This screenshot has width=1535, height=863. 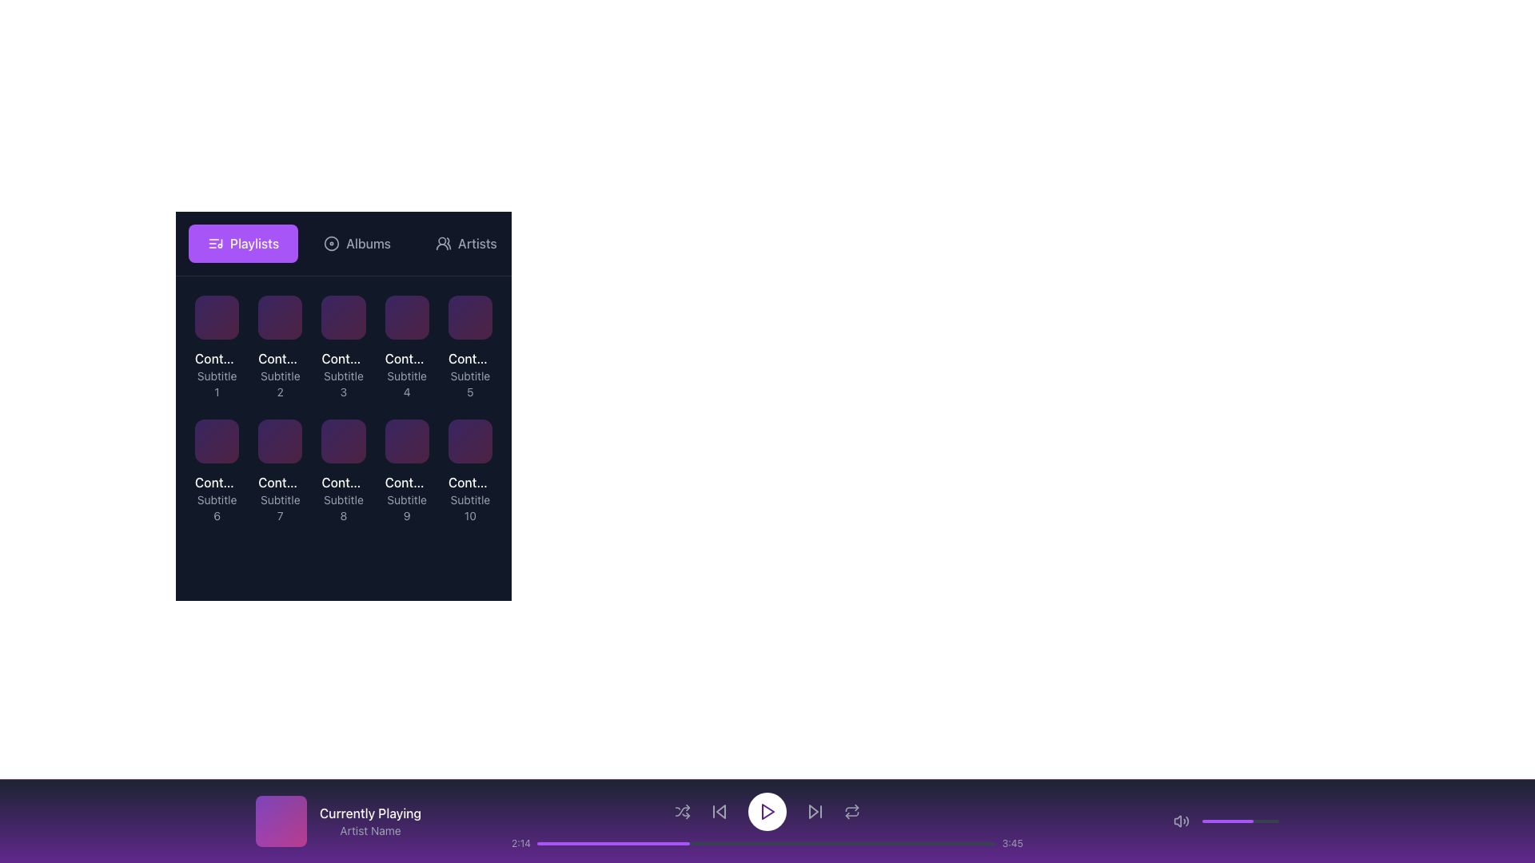 What do you see at coordinates (469, 498) in the screenshot?
I see `the text label with the title 'Content Title 10' and subtitle 'Subtitle 10'` at bounding box center [469, 498].